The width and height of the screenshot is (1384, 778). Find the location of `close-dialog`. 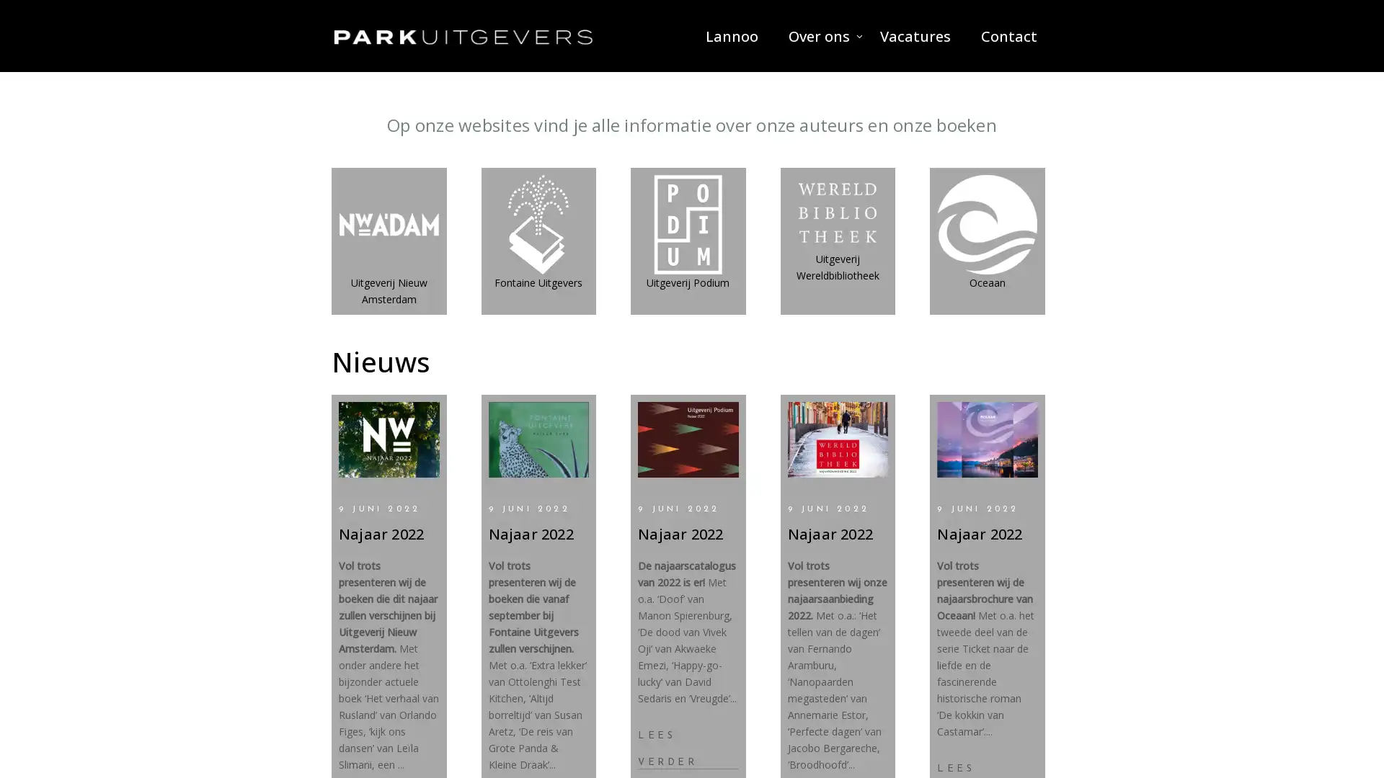

close-dialog is located at coordinates (862, 310).